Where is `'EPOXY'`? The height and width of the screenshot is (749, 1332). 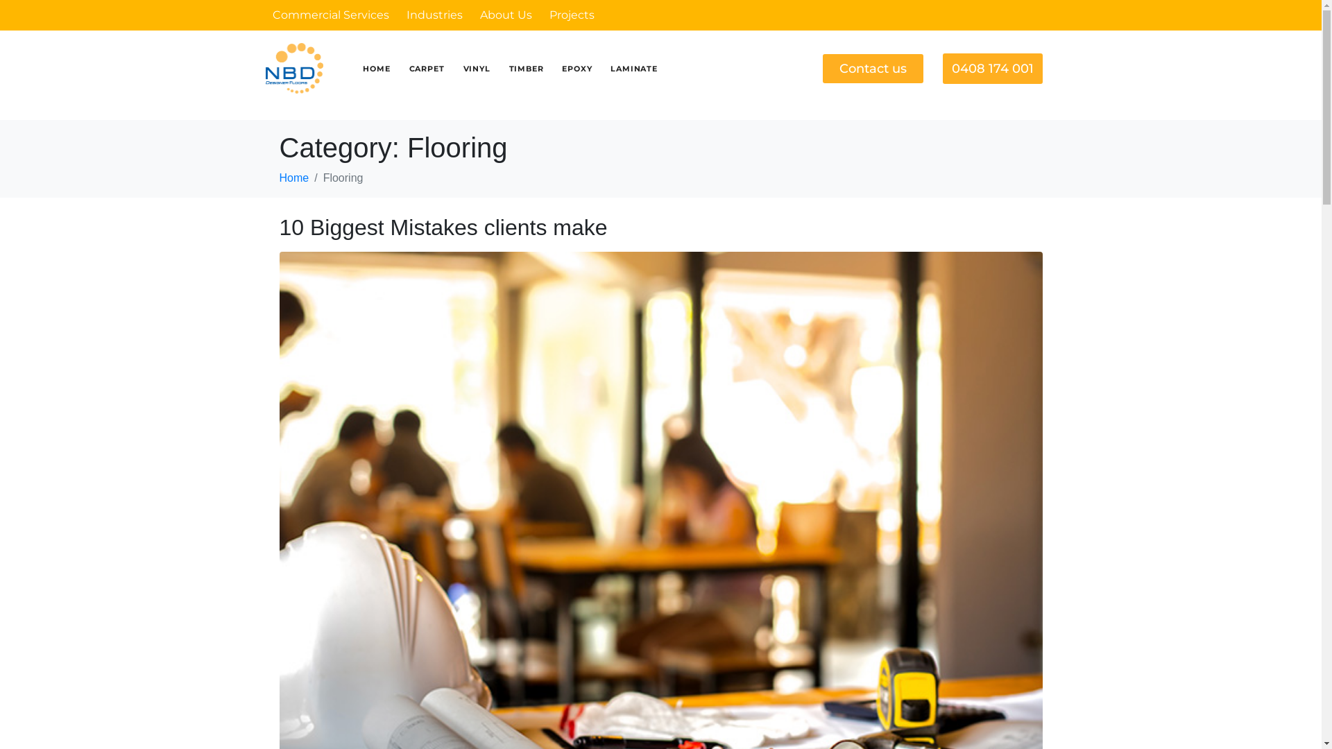
'EPOXY' is located at coordinates (577, 69).